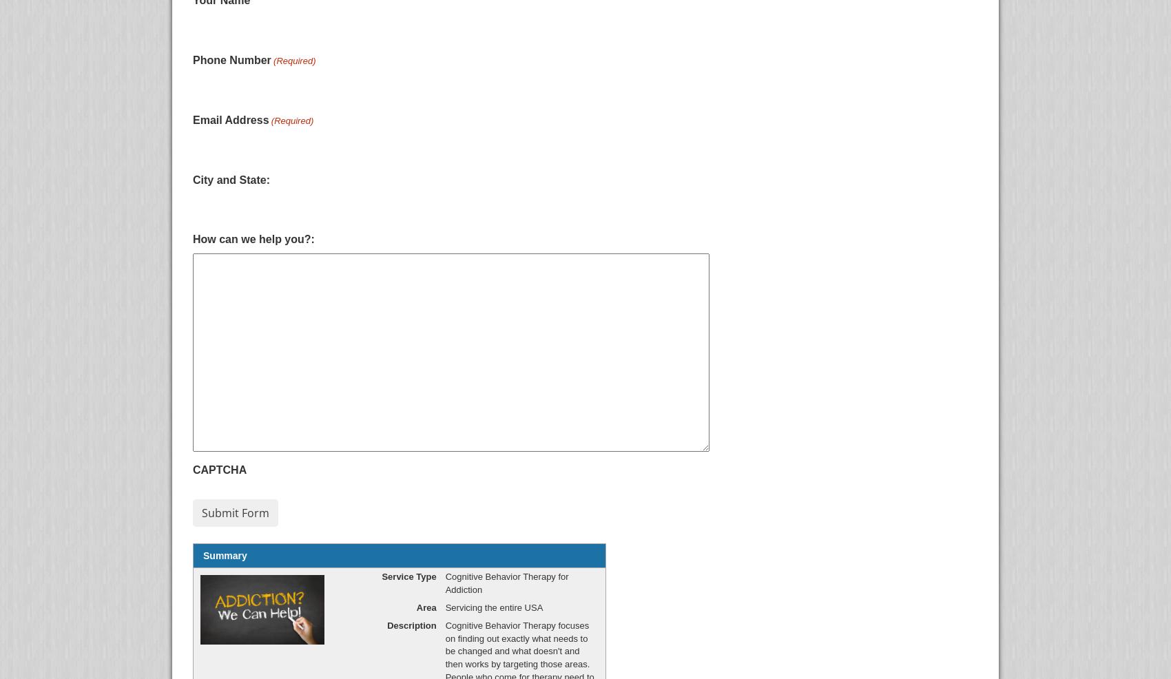  Describe the element at coordinates (494, 606) in the screenshot. I see `'Servicing the entire USA'` at that location.